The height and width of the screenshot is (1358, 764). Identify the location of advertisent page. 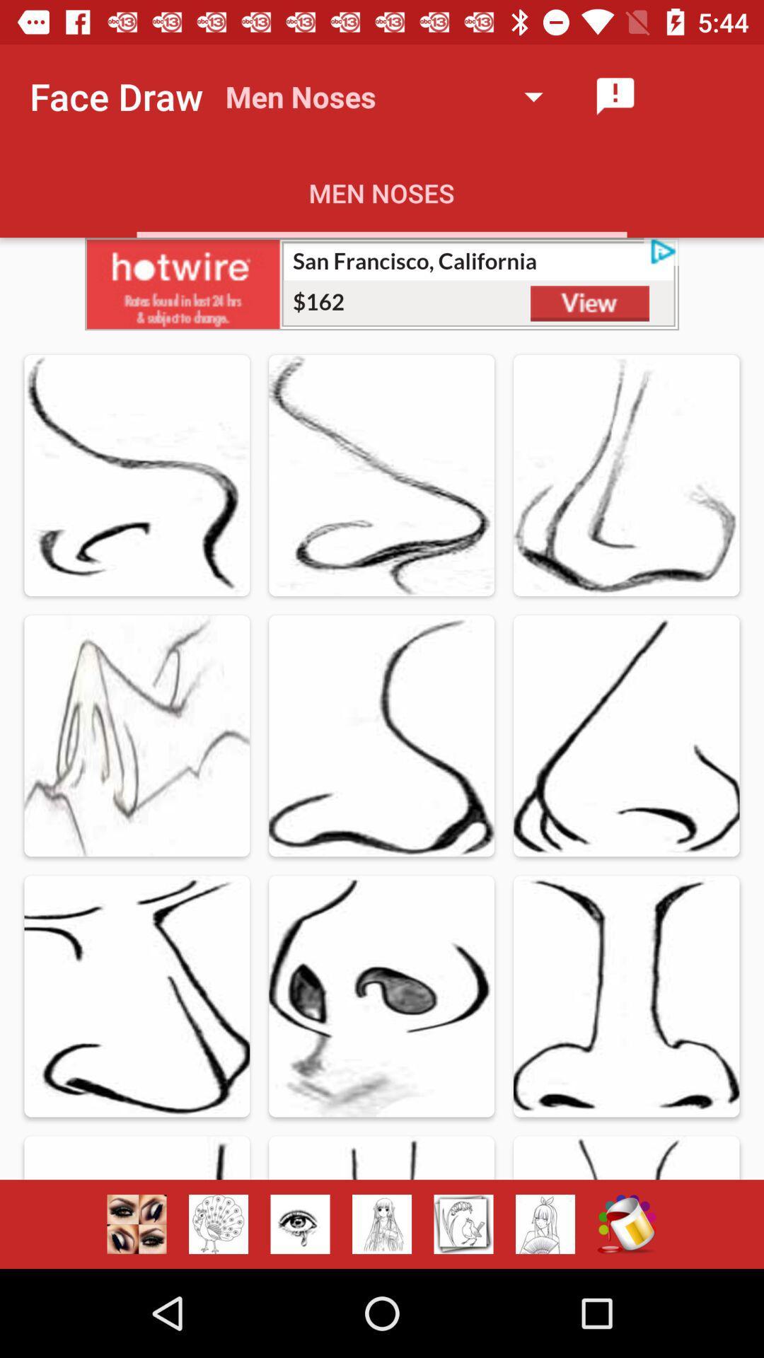
(463, 1224).